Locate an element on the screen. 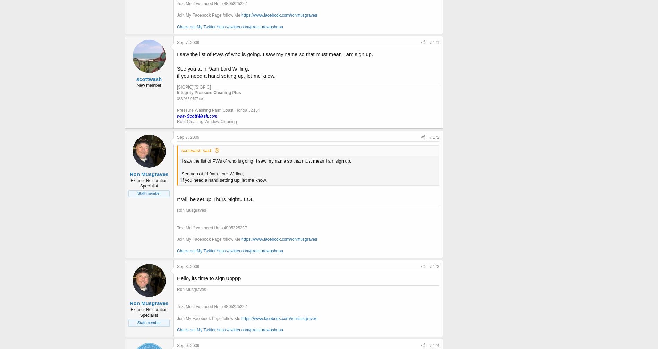 This screenshot has height=349, width=658. '#171' is located at coordinates (434, 42).